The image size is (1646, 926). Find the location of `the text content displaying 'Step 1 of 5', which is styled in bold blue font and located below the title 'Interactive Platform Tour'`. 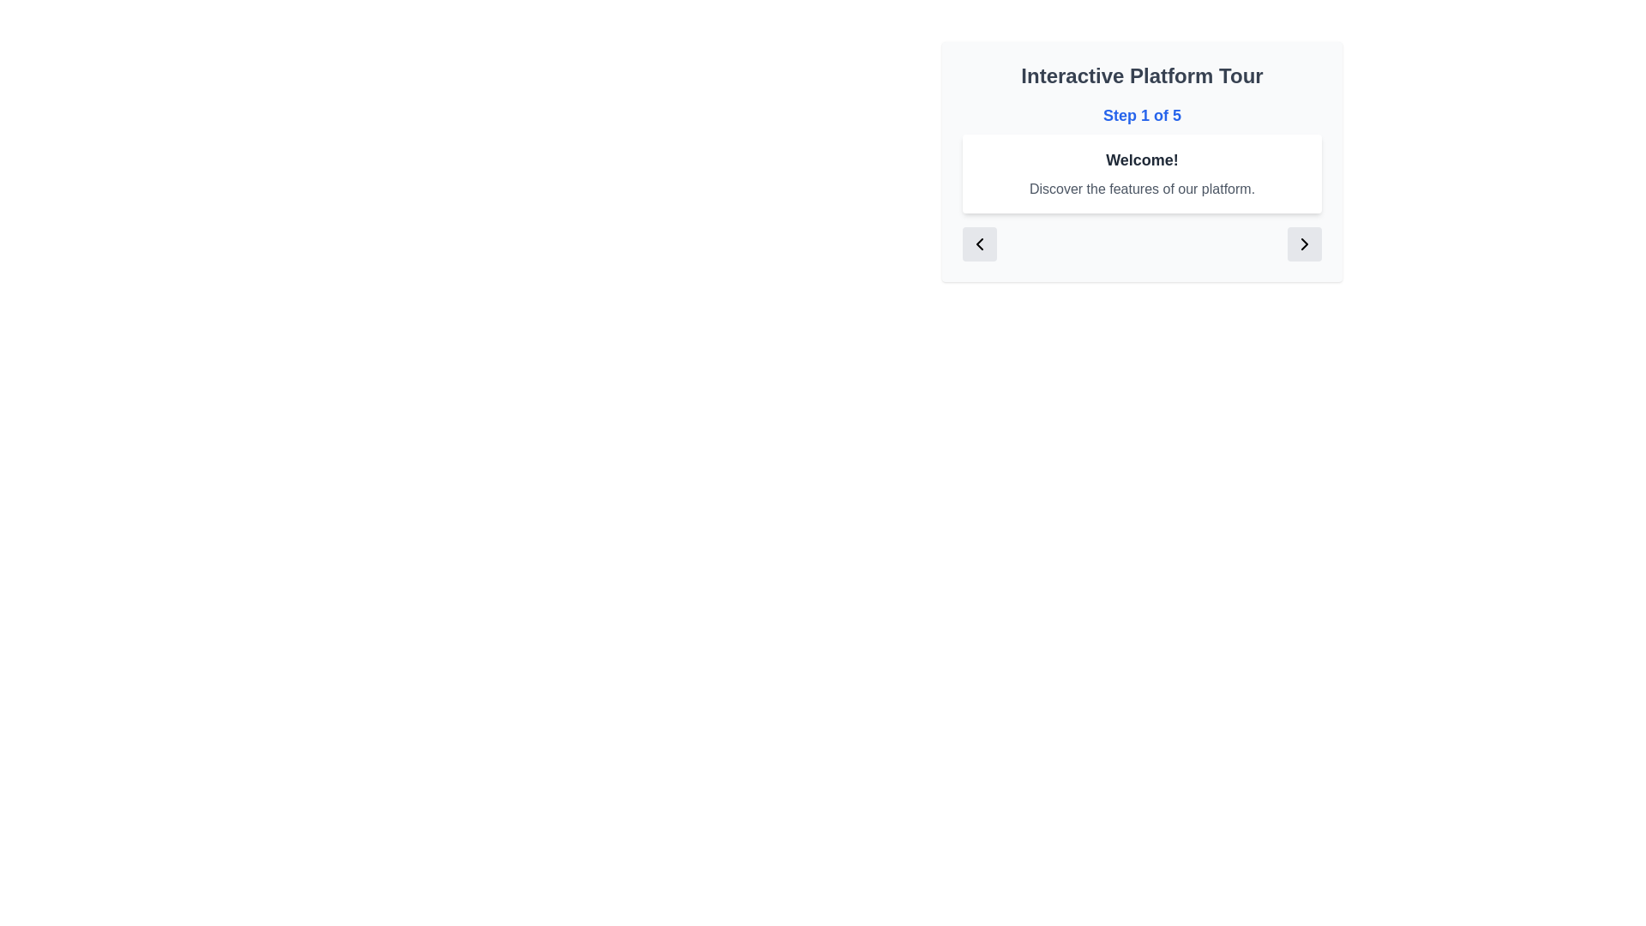

the text content displaying 'Step 1 of 5', which is styled in bold blue font and located below the title 'Interactive Platform Tour' is located at coordinates (1142, 116).